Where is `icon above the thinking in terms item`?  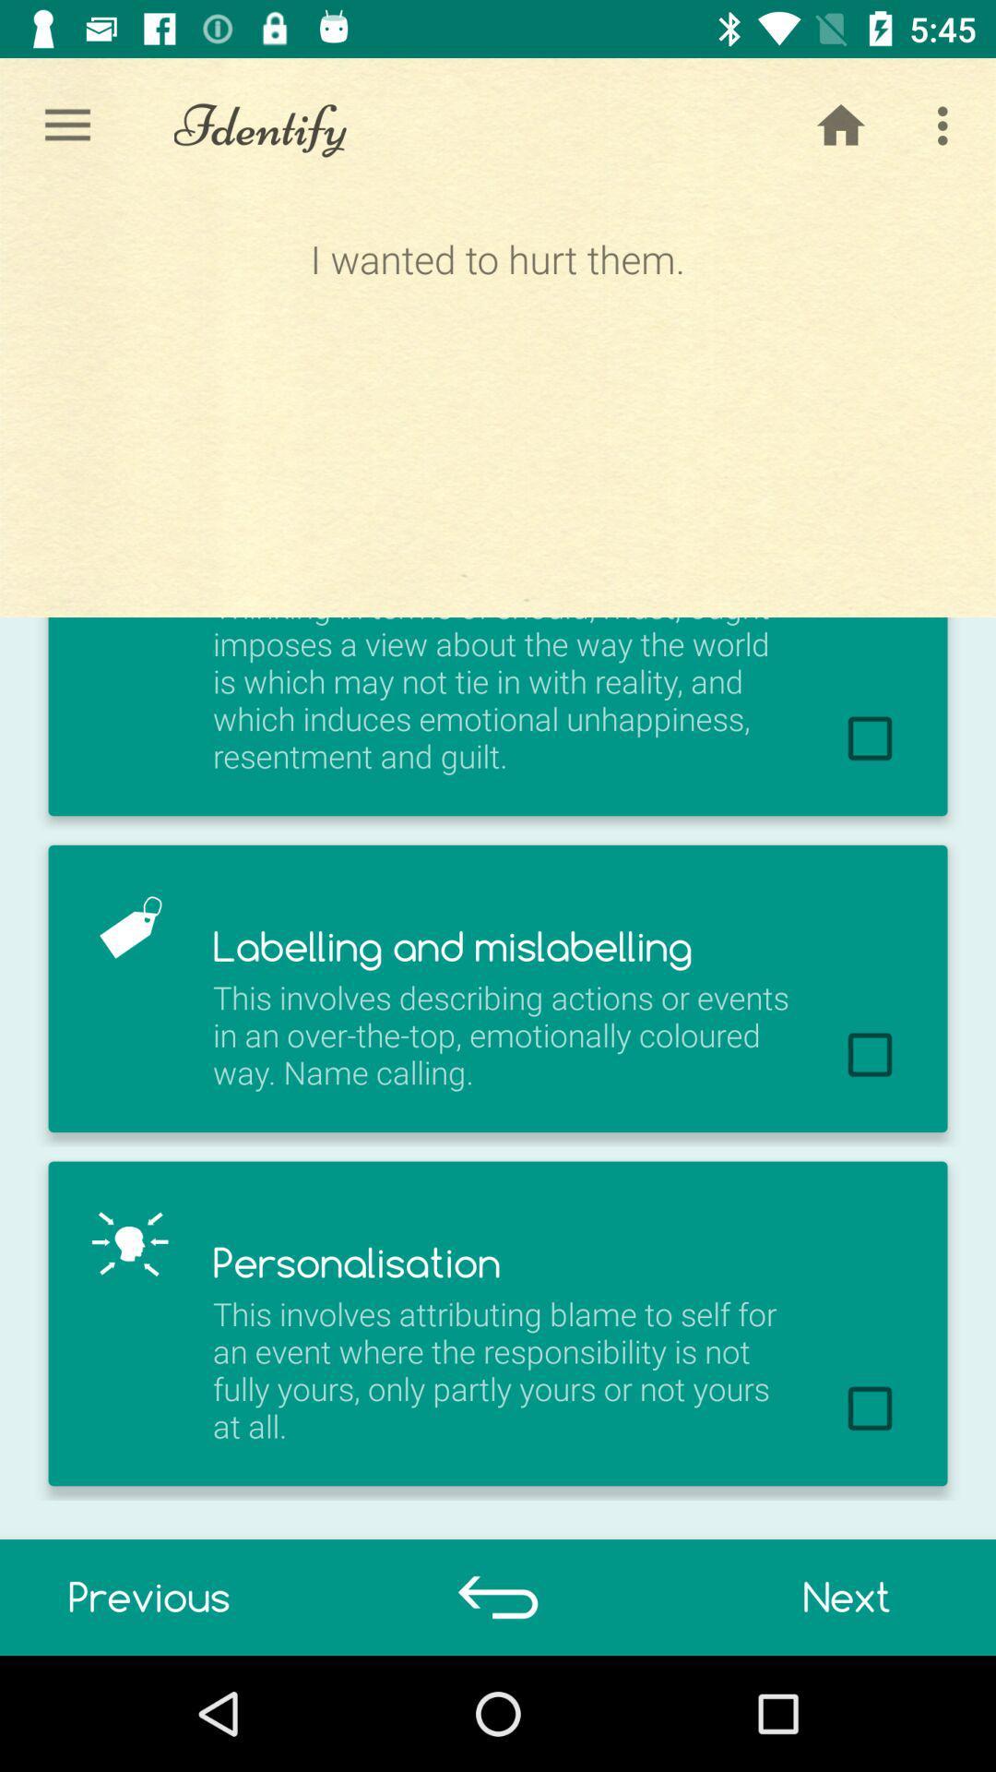
icon above the thinking in terms item is located at coordinates (840, 125).